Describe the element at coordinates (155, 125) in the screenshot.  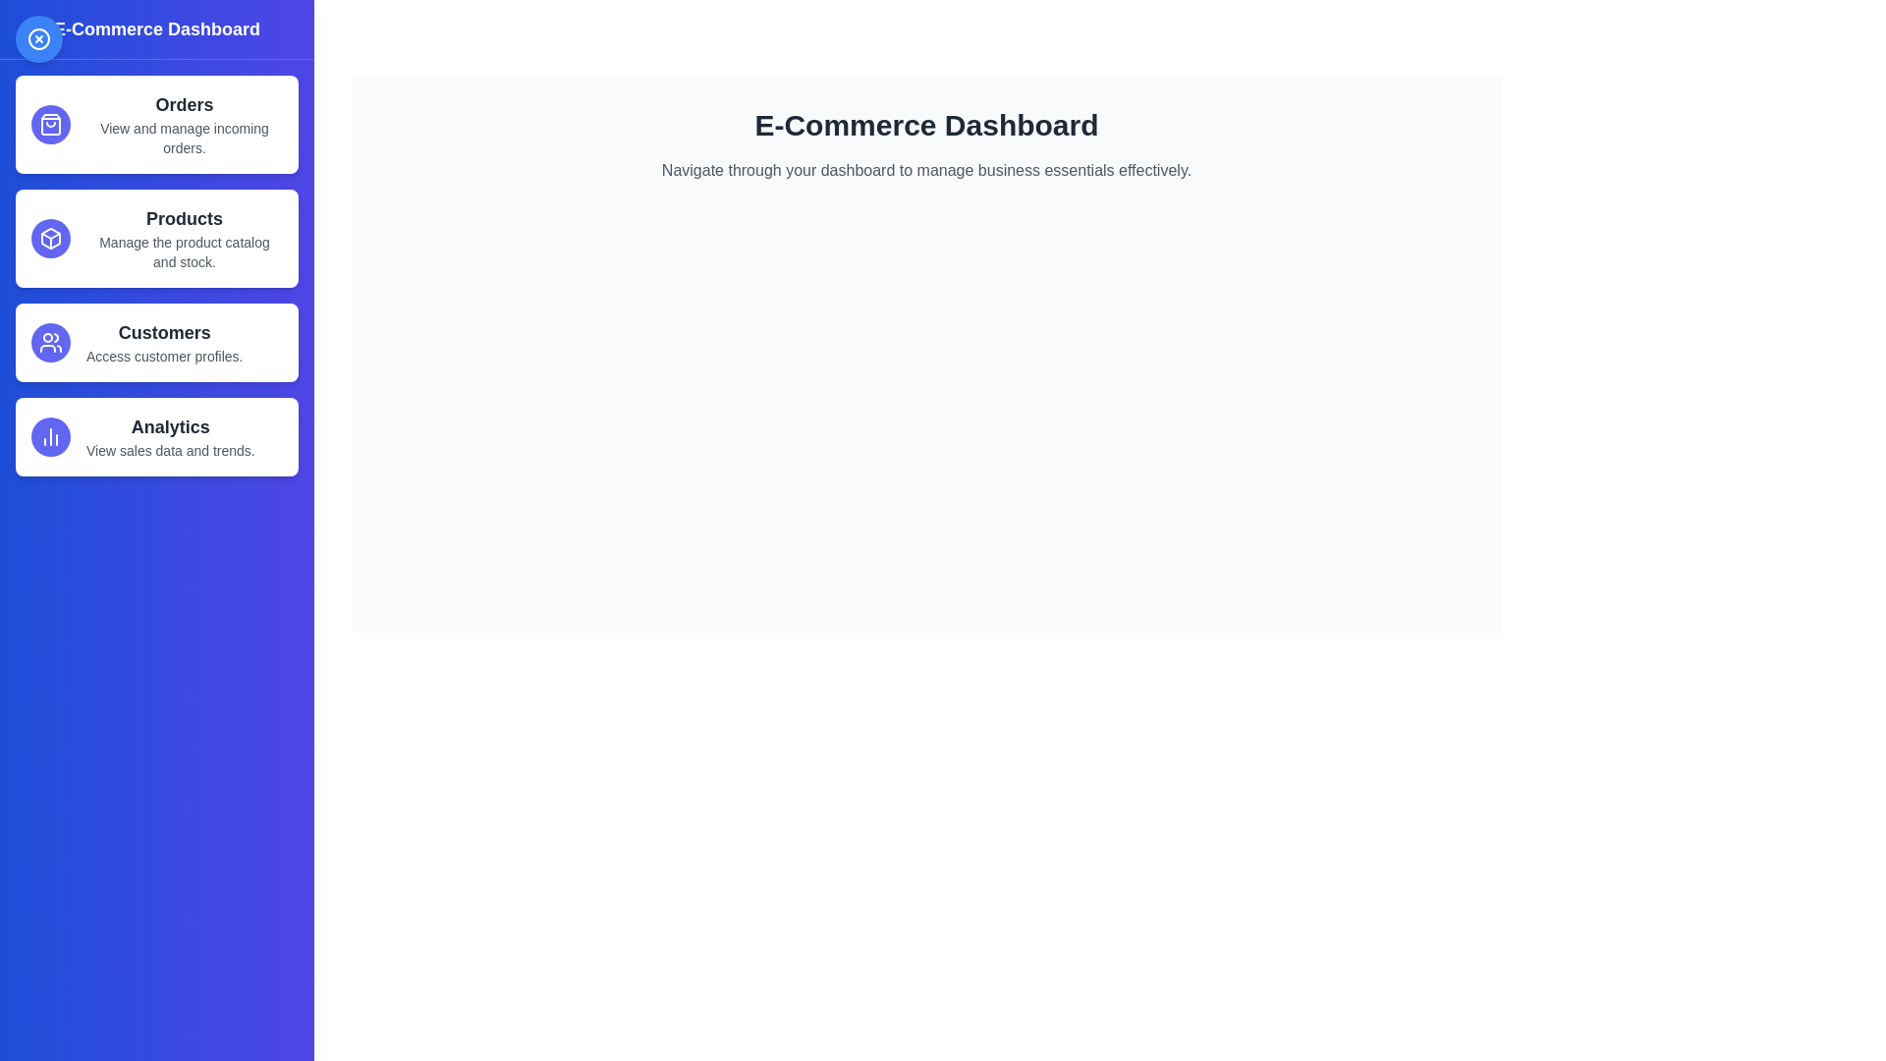
I see `the menu item labeled Orders` at that location.